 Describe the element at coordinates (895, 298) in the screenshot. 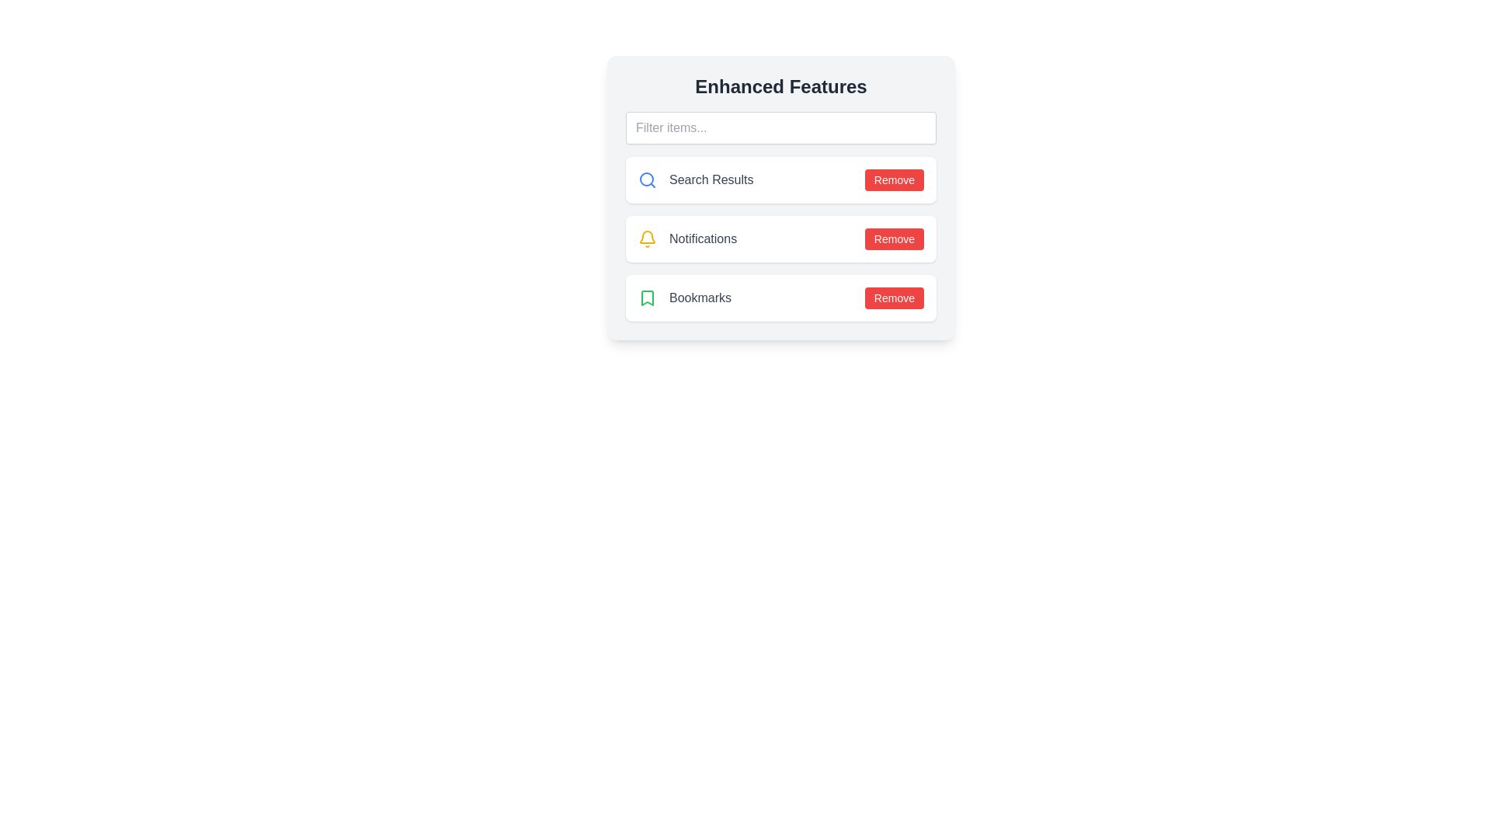

I see `'Remove' button for the Bookmarks item` at that location.